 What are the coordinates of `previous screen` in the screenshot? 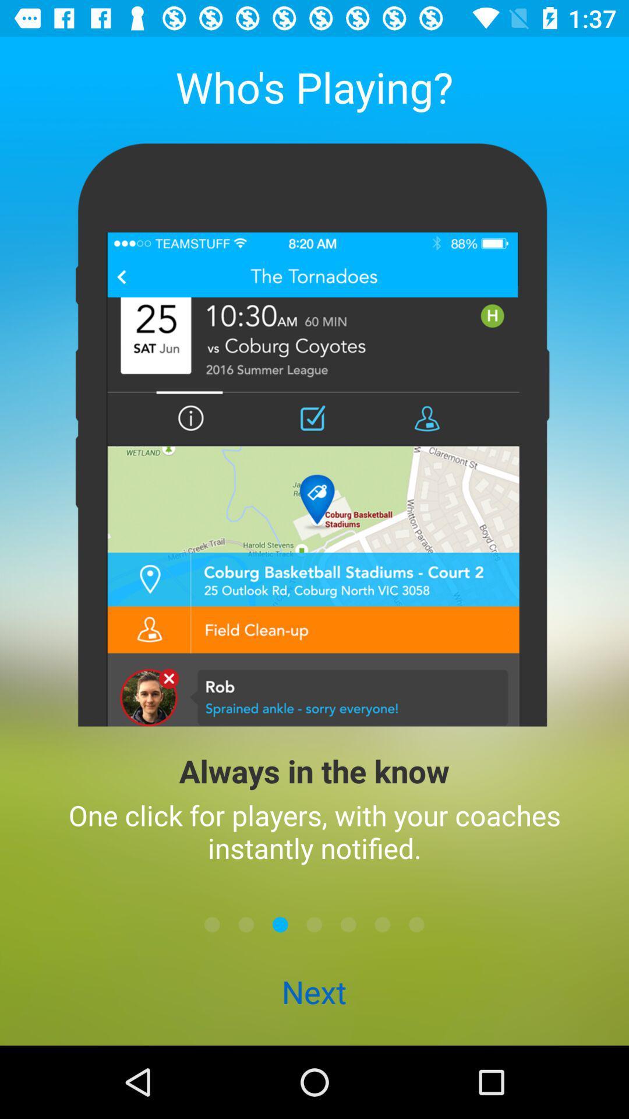 It's located at (246, 924).